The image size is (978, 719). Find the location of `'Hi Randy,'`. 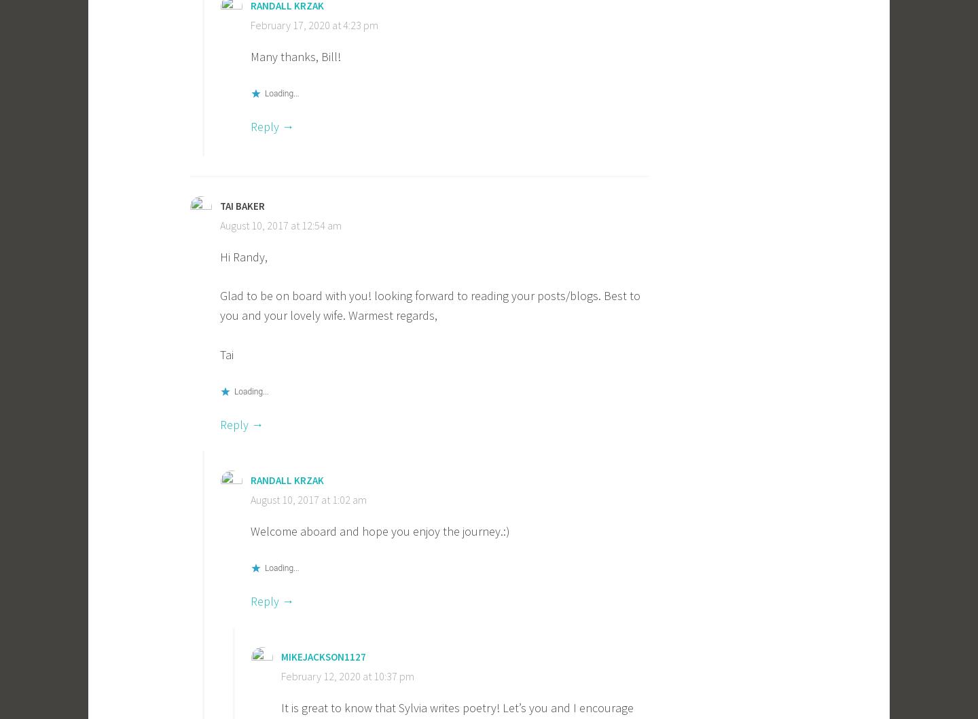

'Hi Randy,' is located at coordinates (243, 255).